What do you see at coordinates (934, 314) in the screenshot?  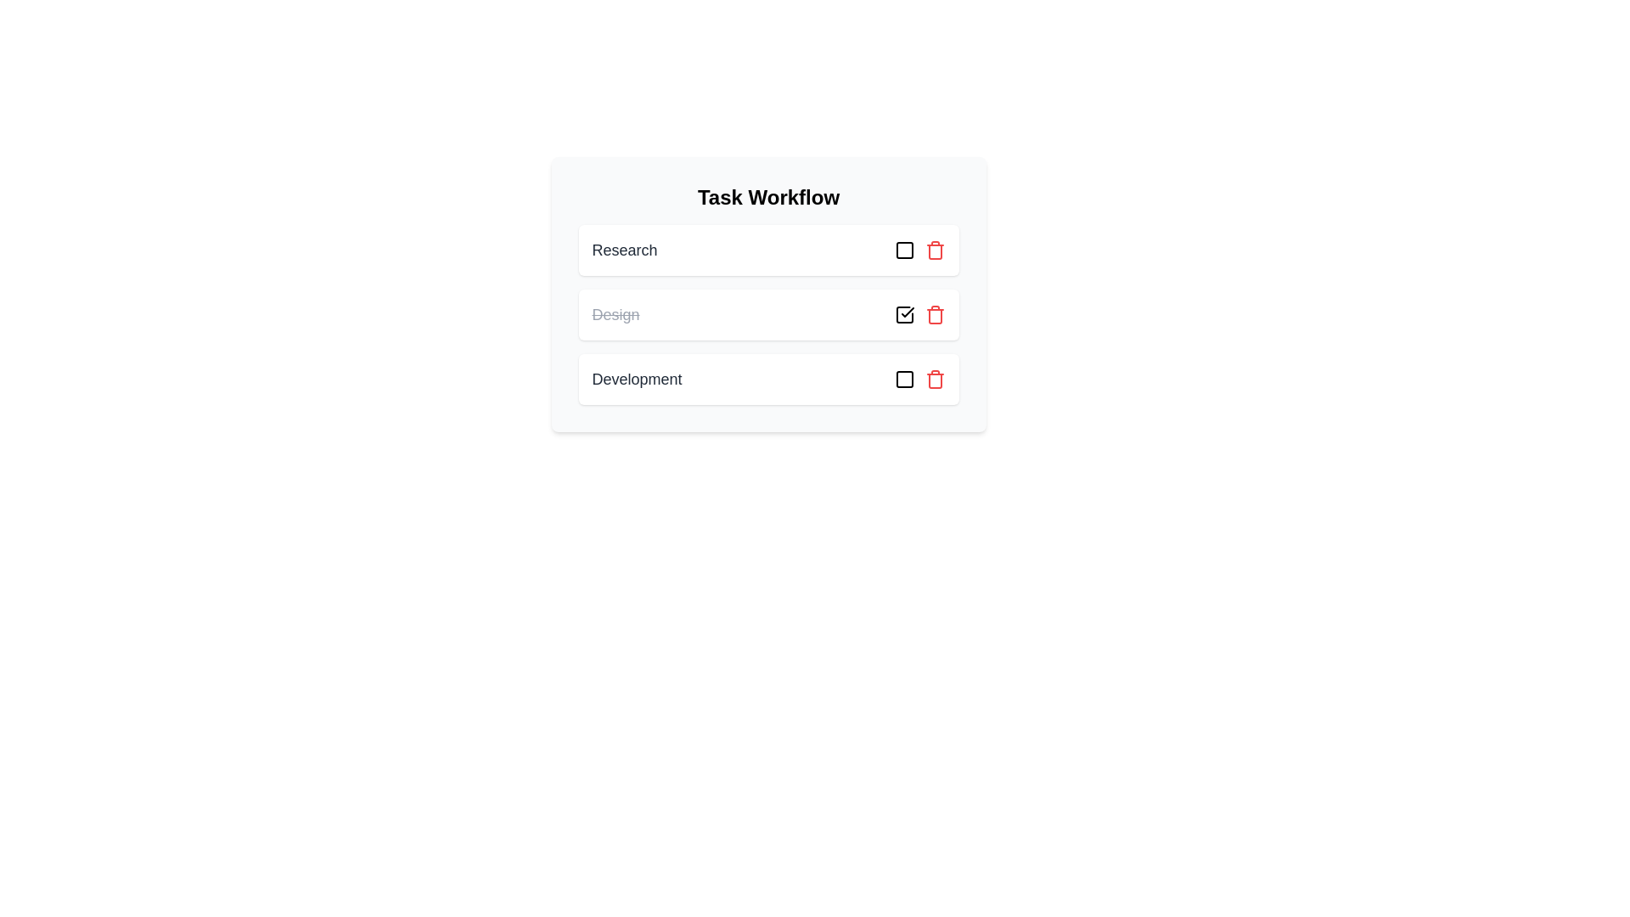 I see `the task Design from the list` at bounding box center [934, 314].